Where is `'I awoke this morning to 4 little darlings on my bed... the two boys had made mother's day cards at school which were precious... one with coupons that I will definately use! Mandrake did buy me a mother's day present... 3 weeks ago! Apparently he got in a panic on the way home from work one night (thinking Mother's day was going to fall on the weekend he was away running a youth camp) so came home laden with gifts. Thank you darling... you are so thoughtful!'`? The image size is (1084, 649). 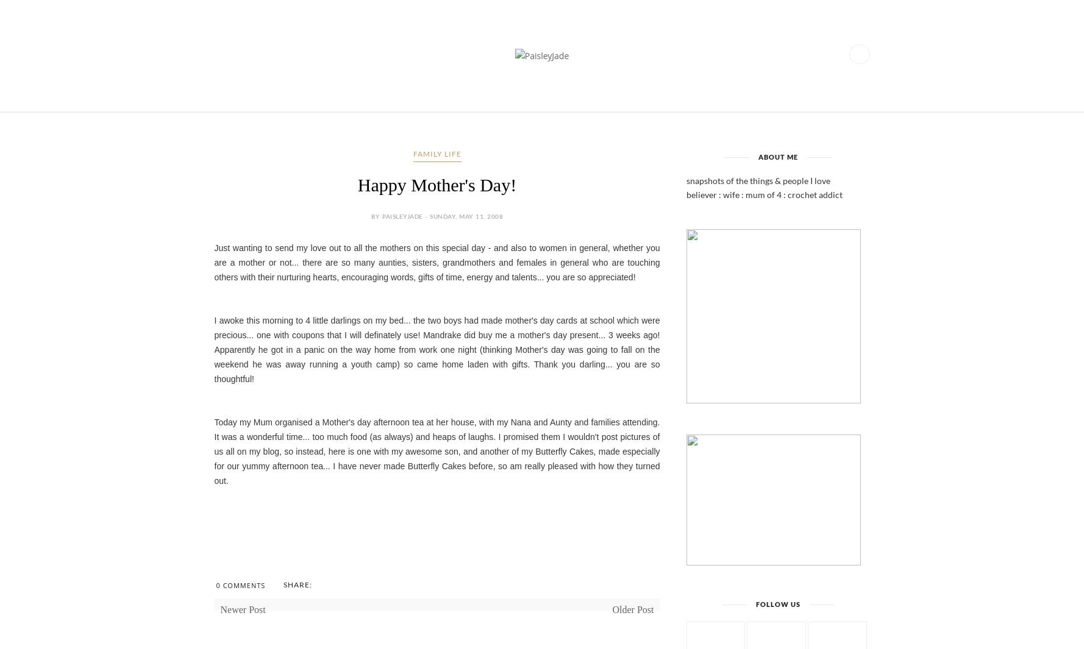
'I awoke this morning to 4 little darlings on my bed... the two boys had made mother's day cards at school which were precious... one with coupons that I will definately use! Mandrake did buy me a mother's day present... 3 weeks ago! Apparently he got in a panic on the way home from work one night (thinking Mother's day was going to fall on the weekend he was away running a youth camp) so came home laden with gifts. Thank you darling... you are so thoughtful!' is located at coordinates (436, 350).